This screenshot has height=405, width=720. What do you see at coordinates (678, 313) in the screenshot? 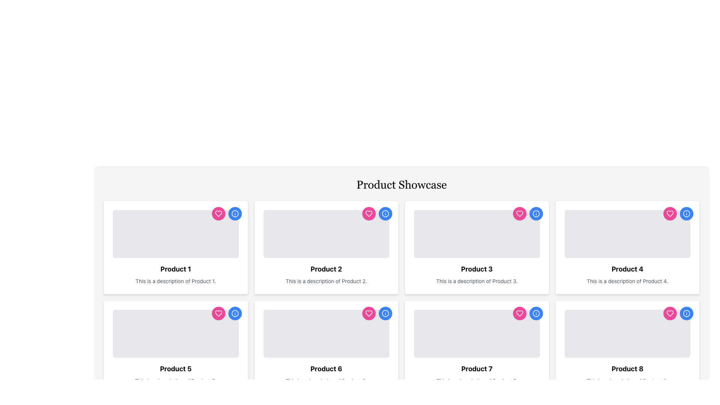
I see `the circular pink button with a heart symbol located at the top-right corner of the 'Product 8' card` at bounding box center [678, 313].